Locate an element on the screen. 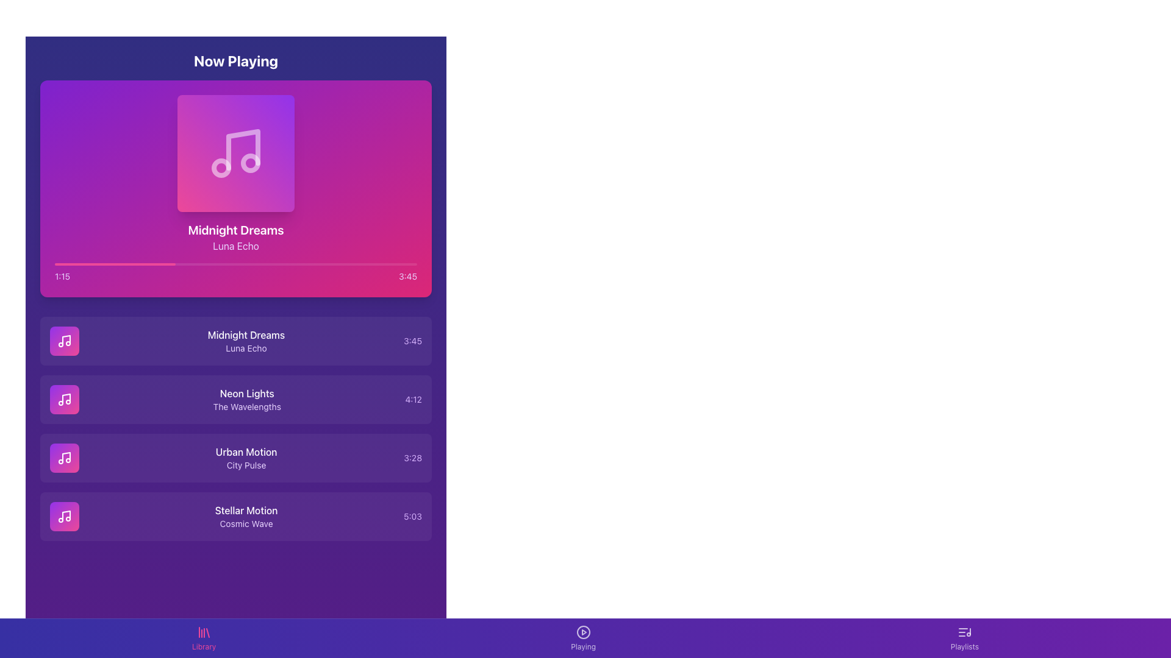 The image size is (1171, 658). the slider is located at coordinates (79, 264).